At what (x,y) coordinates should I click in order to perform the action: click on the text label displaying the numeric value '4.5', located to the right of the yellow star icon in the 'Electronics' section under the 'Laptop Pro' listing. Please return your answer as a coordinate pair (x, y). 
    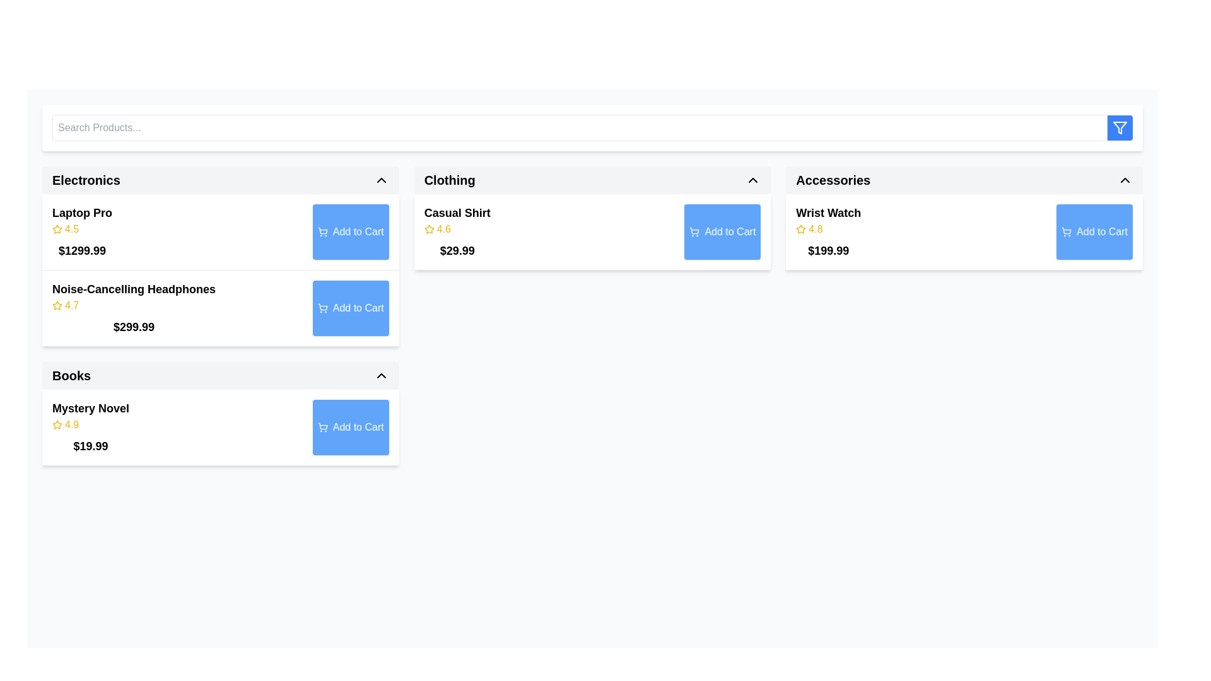
    Looking at the image, I should click on (71, 229).